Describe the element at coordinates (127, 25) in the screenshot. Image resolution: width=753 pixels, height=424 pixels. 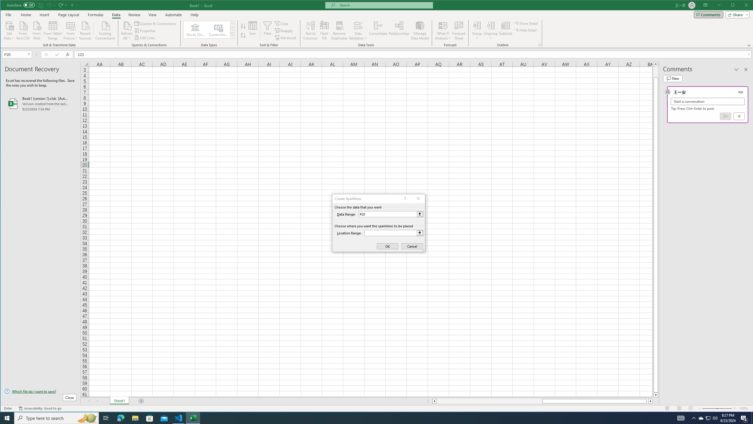
I see `'Refresh All'` at that location.